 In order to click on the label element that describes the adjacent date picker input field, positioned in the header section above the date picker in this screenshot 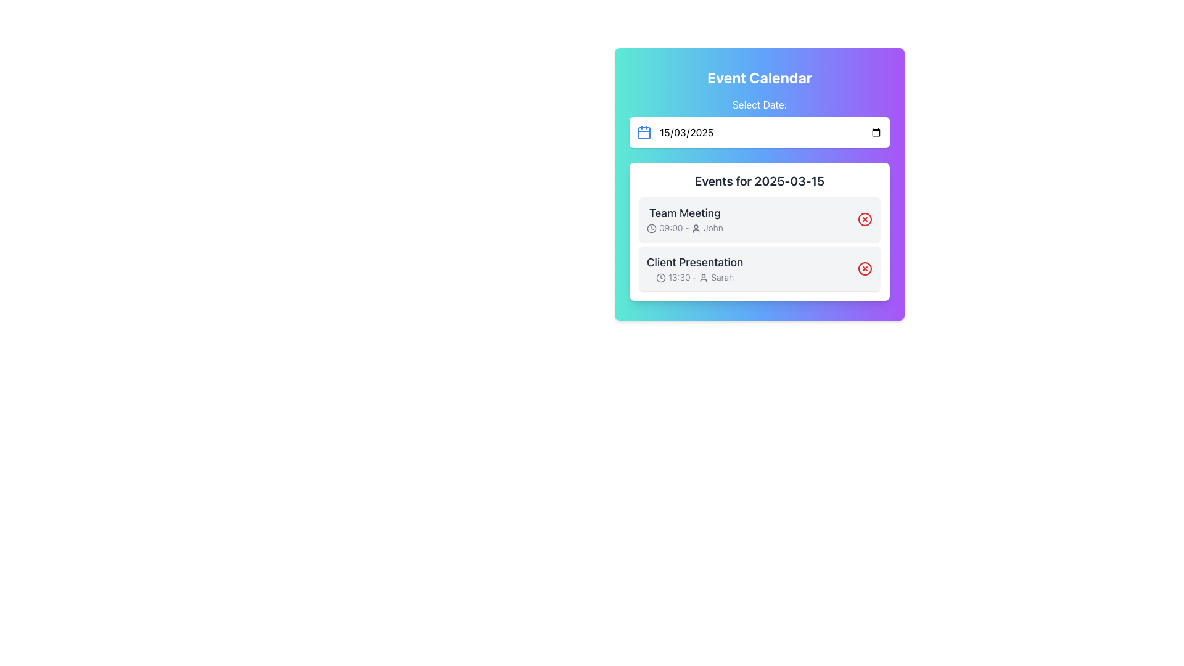, I will do `click(759, 104)`.